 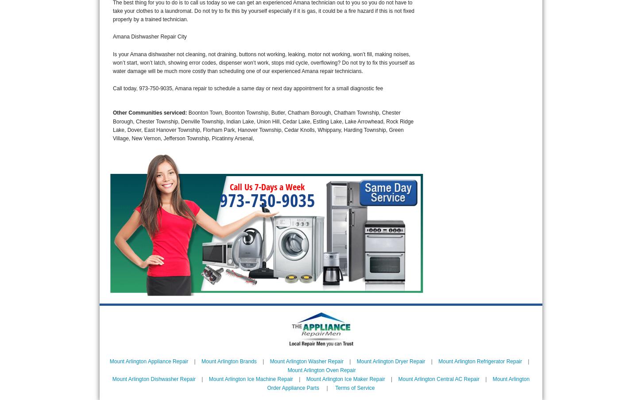 What do you see at coordinates (306, 361) in the screenshot?
I see `'Mount Arlington Washer Repair'` at bounding box center [306, 361].